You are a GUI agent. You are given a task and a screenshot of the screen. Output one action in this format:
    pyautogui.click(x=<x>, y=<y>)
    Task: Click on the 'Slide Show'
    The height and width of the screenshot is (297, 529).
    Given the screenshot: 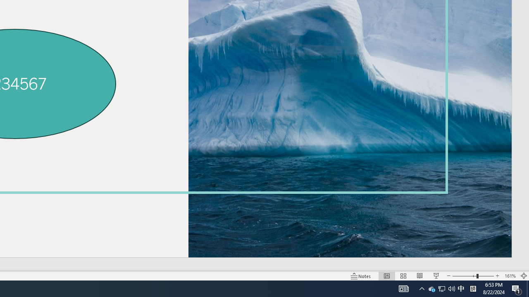 What is the action you would take?
    pyautogui.click(x=436, y=276)
    